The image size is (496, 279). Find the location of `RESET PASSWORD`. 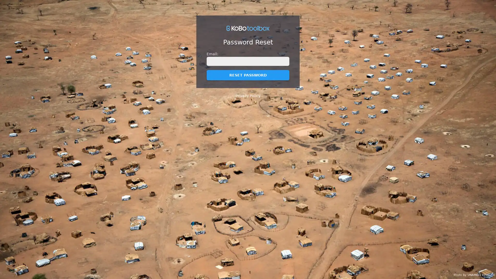

RESET PASSWORD is located at coordinates (248, 75).